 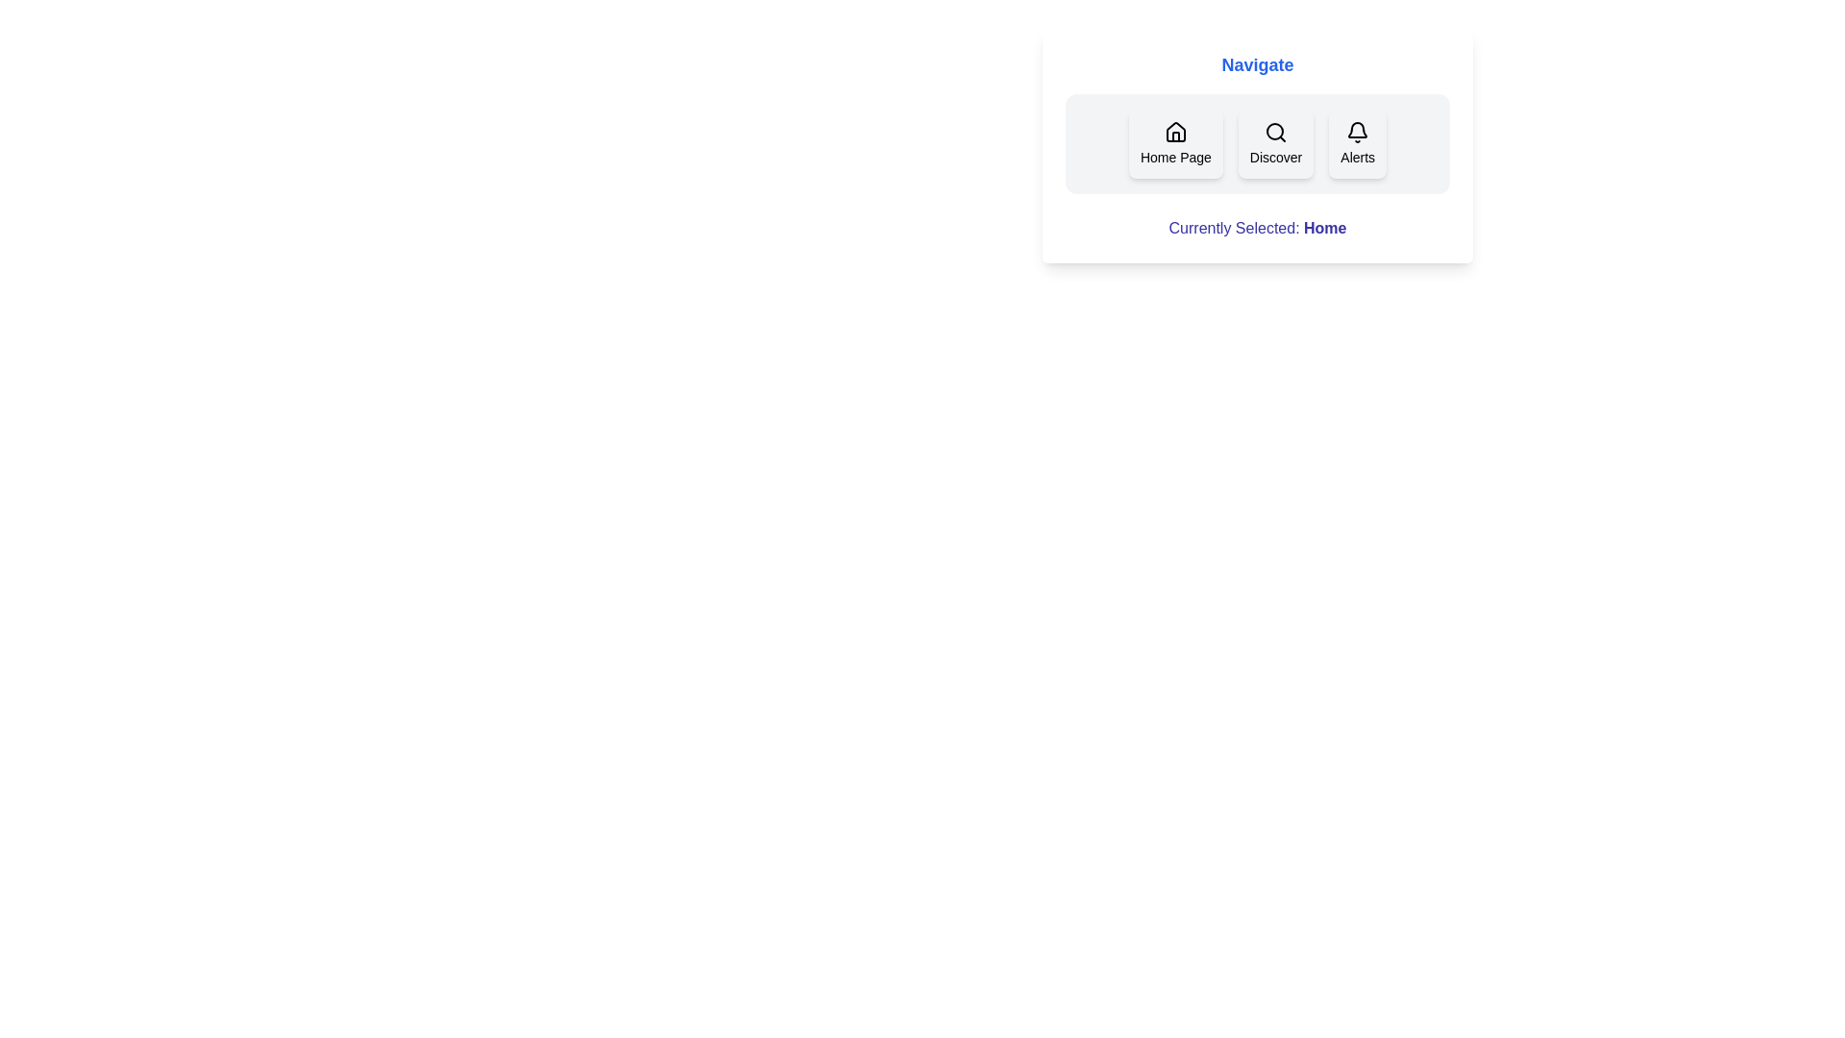 I want to click on the Text label displaying 'Home' in the phrase 'Currently Selected: Home', which is located below the navigation panel, so click(x=1324, y=227).